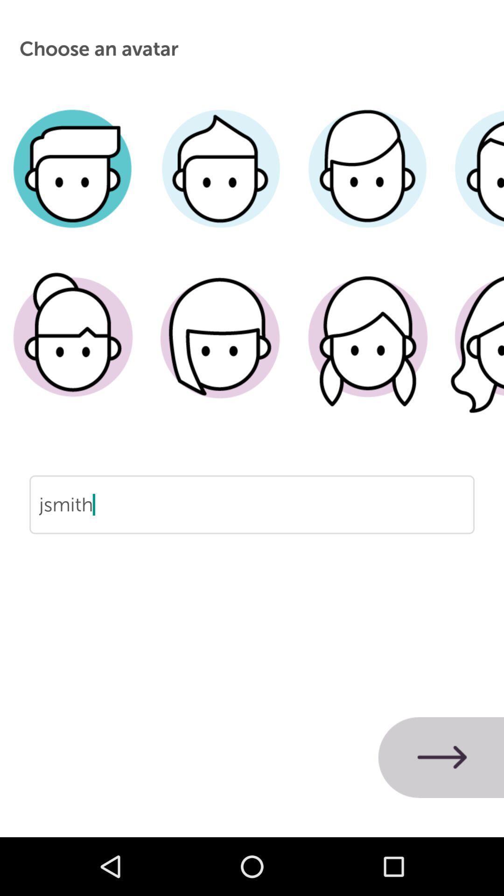  What do you see at coordinates (367, 351) in the screenshot?
I see `avatar` at bounding box center [367, 351].